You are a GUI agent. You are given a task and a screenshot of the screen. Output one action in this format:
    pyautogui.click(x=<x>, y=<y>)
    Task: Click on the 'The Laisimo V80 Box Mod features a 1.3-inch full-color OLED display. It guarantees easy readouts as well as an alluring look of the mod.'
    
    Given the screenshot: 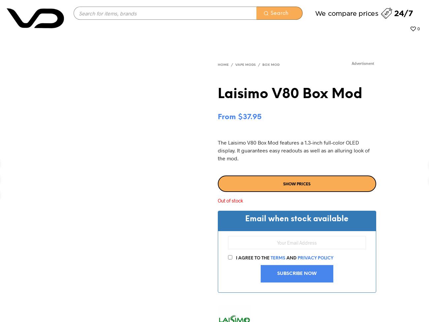 What is the action you would take?
    pyautogui.click(x=217, y=150)
    